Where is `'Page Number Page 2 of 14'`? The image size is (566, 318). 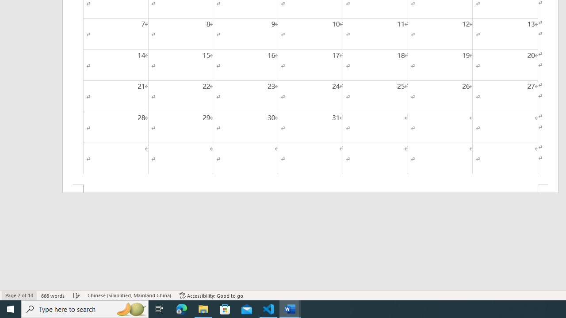 'Page Number Page 2 of 14' is located at coordinates (19, 295).